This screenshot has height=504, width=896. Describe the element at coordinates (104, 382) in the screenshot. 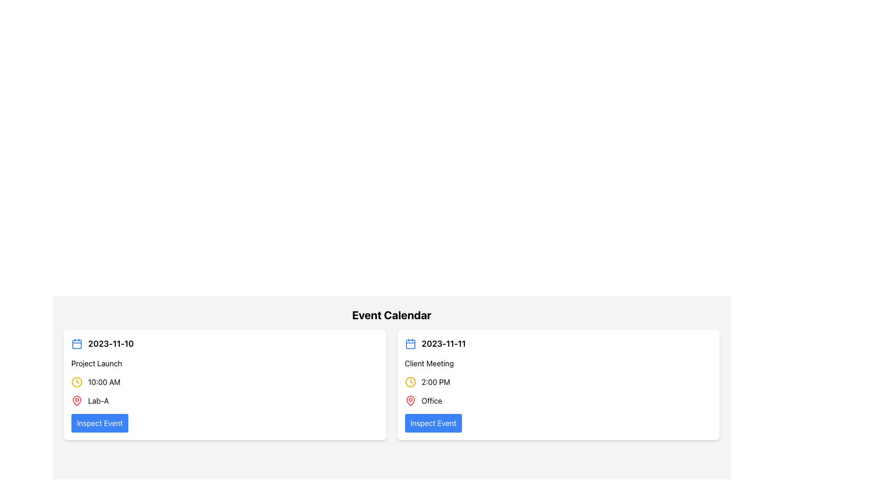

I see `the static text displaying the time '10:00 AM', which is styled in black on a white background and located next to a clock icon in the event details section` at that location.